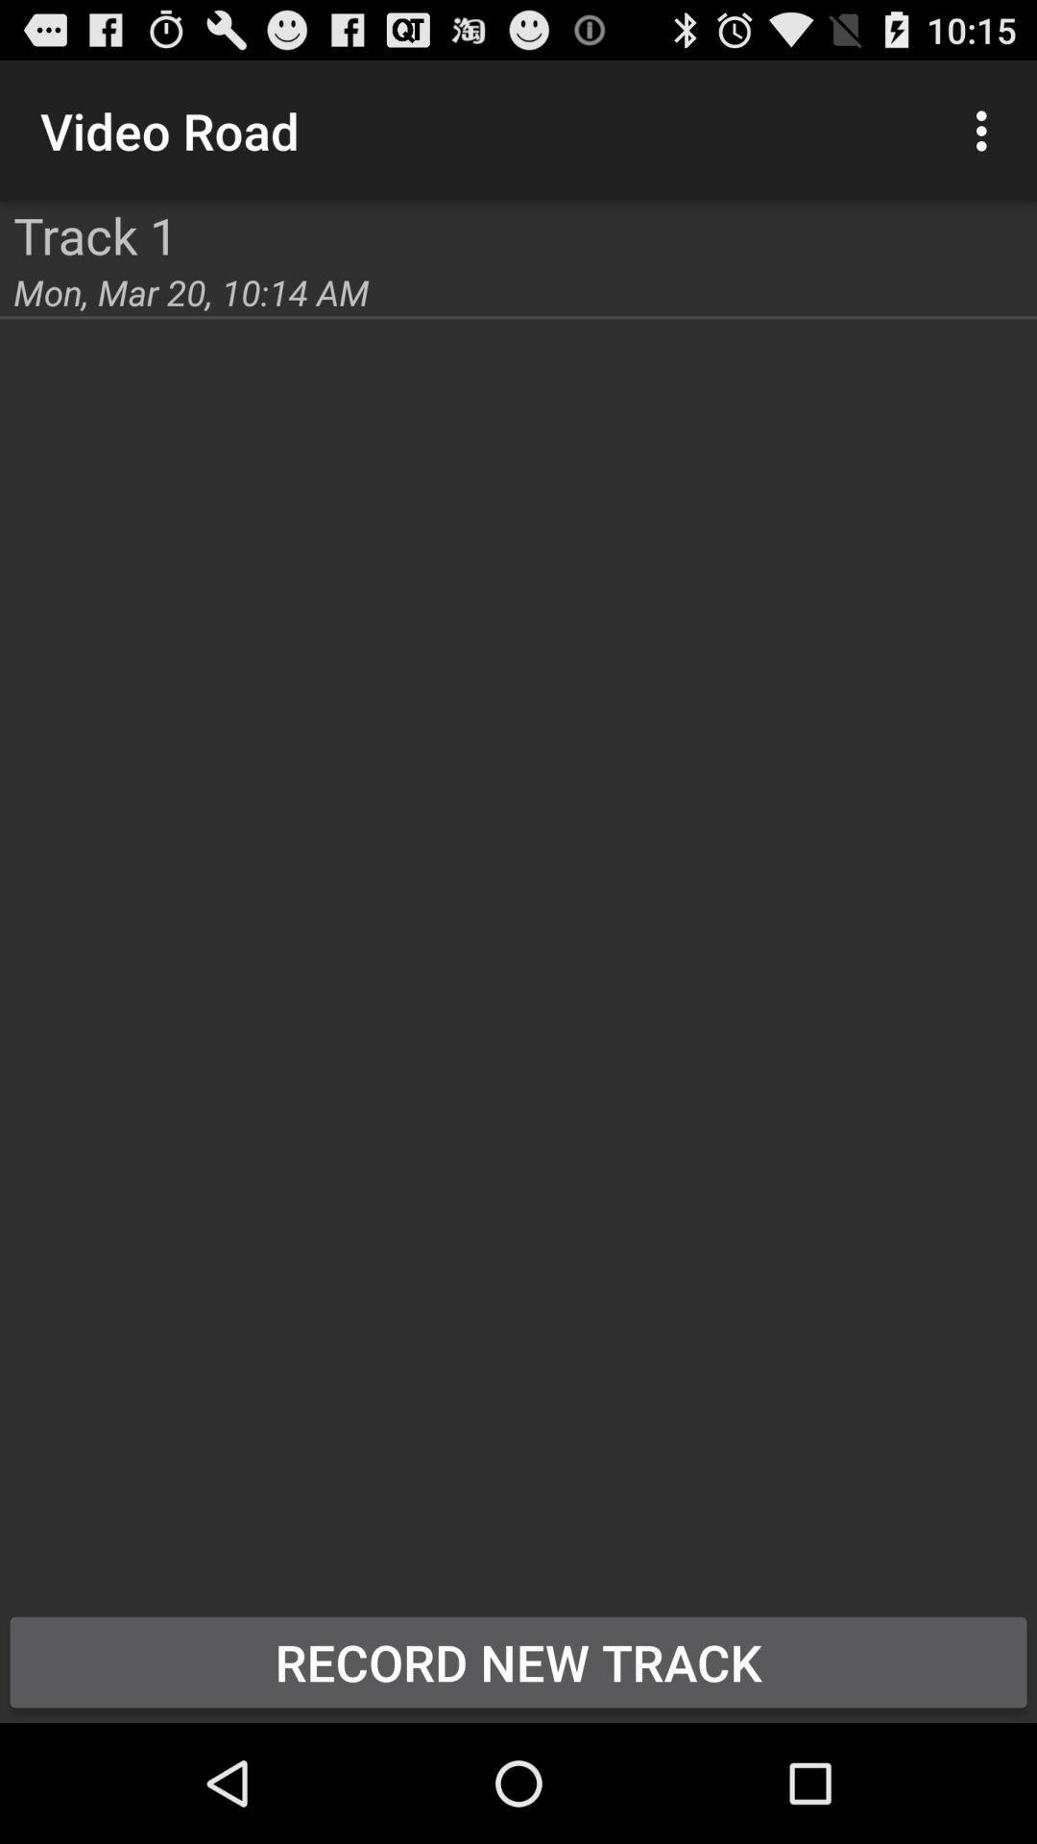 The width and height of the screenshot is (1037, 1844). Describe the element at coordinates (95, 233) in the screenshot. I see `the app below the video road icon` at that location.